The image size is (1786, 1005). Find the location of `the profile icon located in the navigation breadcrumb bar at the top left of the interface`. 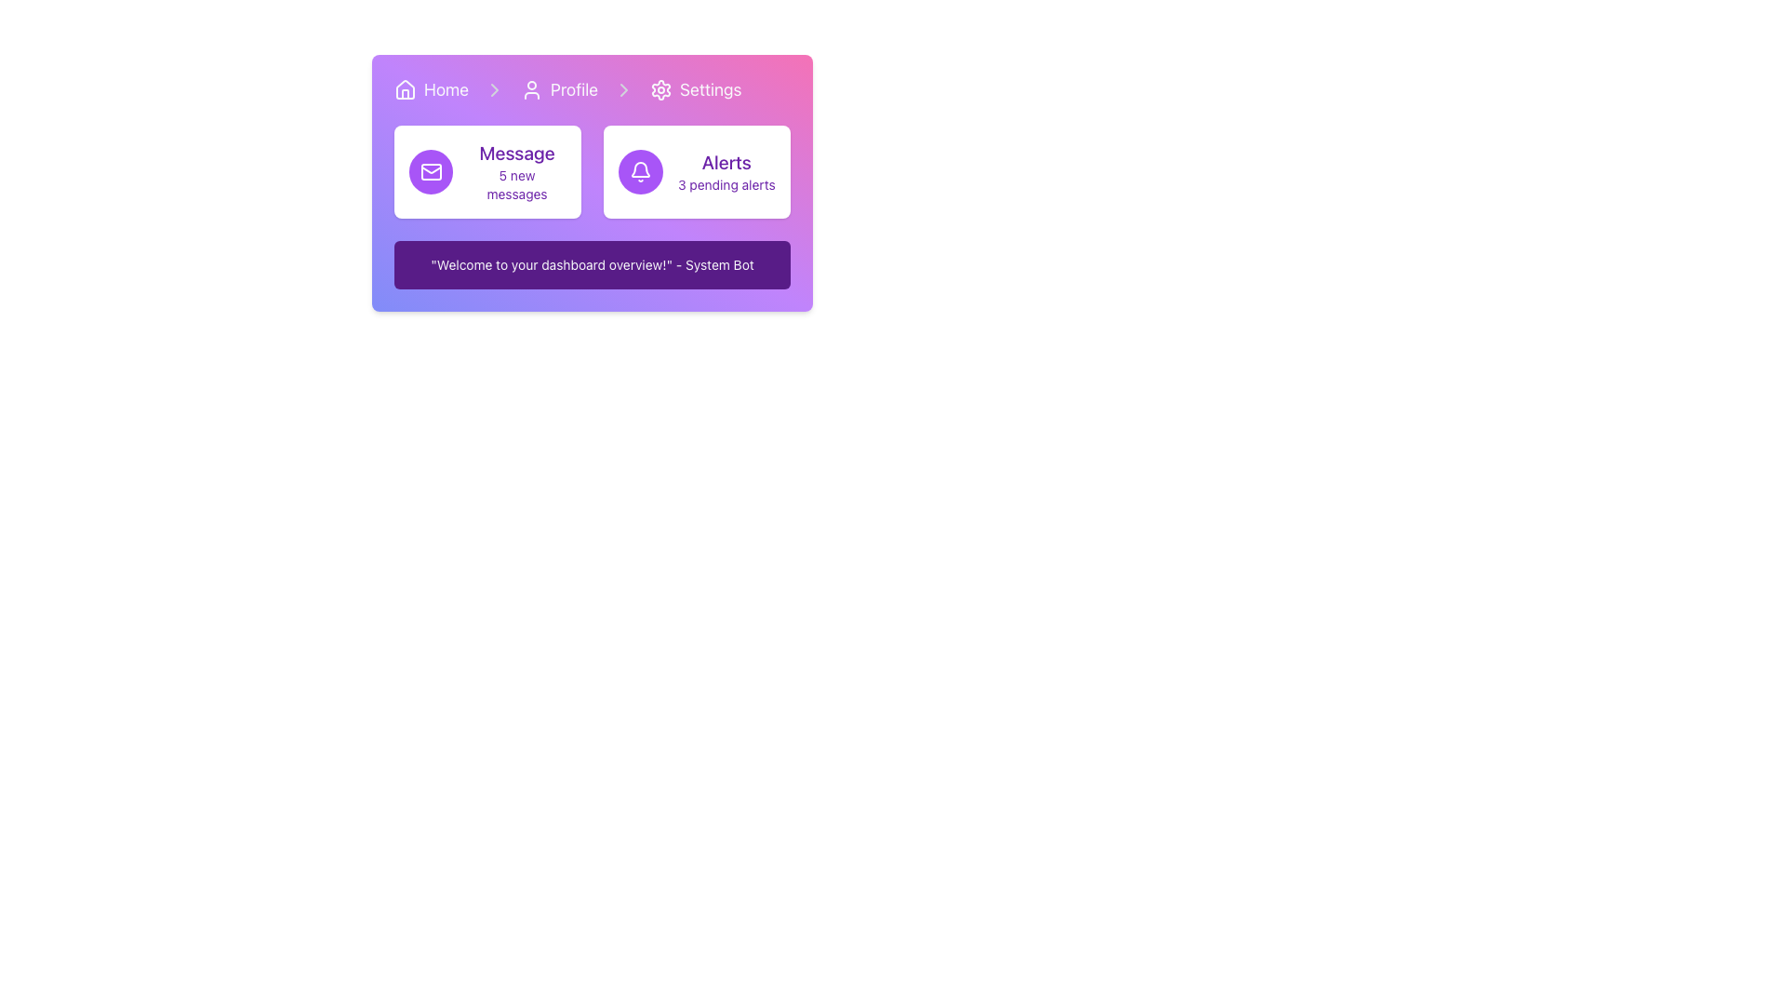

the profile icon located in the navigation breadcrumb bar at the top left of the interface is located at coordinates (530, 89).